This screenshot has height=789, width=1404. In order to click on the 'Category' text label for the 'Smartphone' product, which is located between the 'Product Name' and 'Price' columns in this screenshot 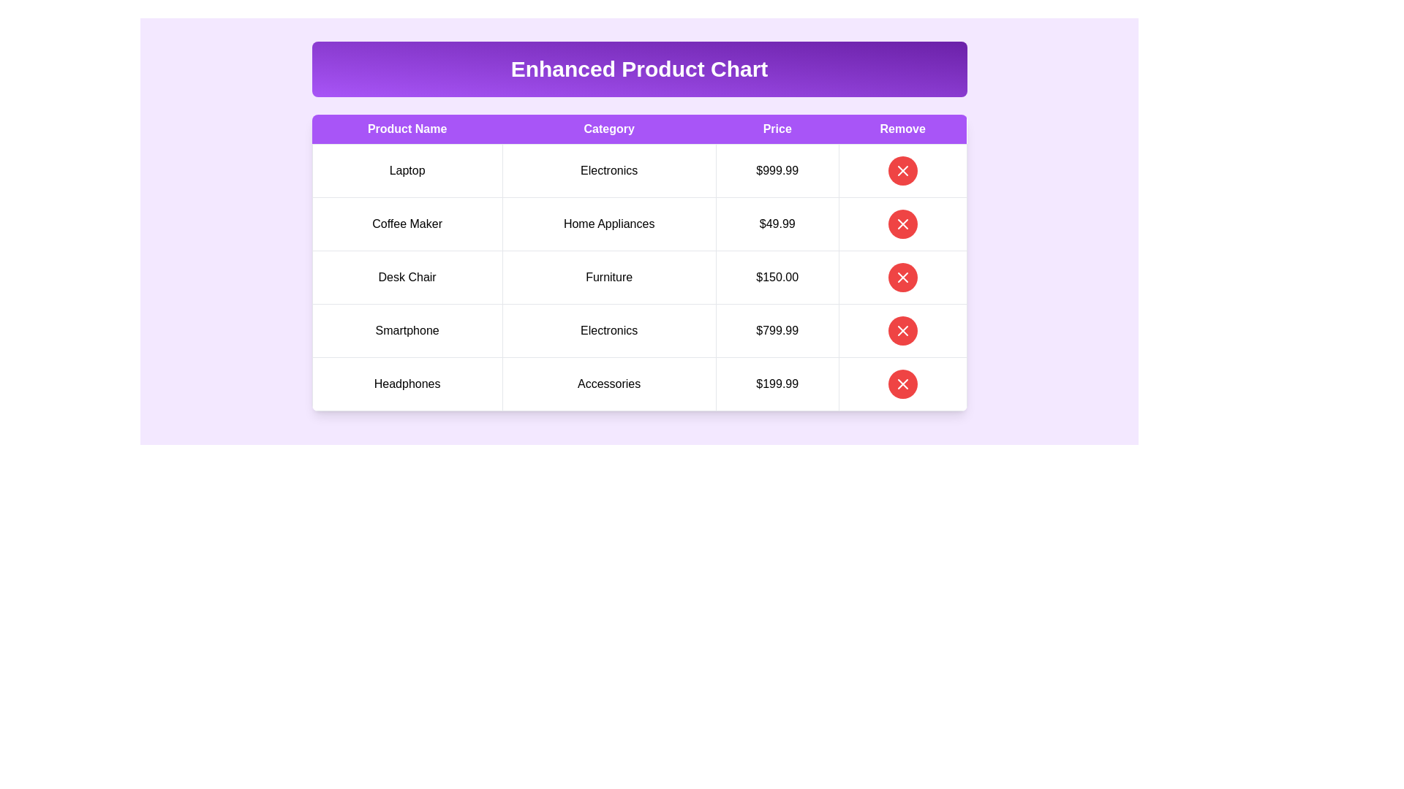, I will do `click(609, 330)`.